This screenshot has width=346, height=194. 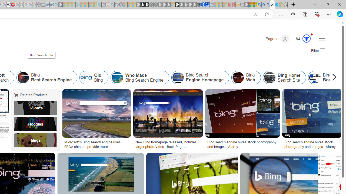 What do you see at coordinates (35, 108) in the screenshot?
I see `'T-Shirts'` at bounding box center [35, 108].